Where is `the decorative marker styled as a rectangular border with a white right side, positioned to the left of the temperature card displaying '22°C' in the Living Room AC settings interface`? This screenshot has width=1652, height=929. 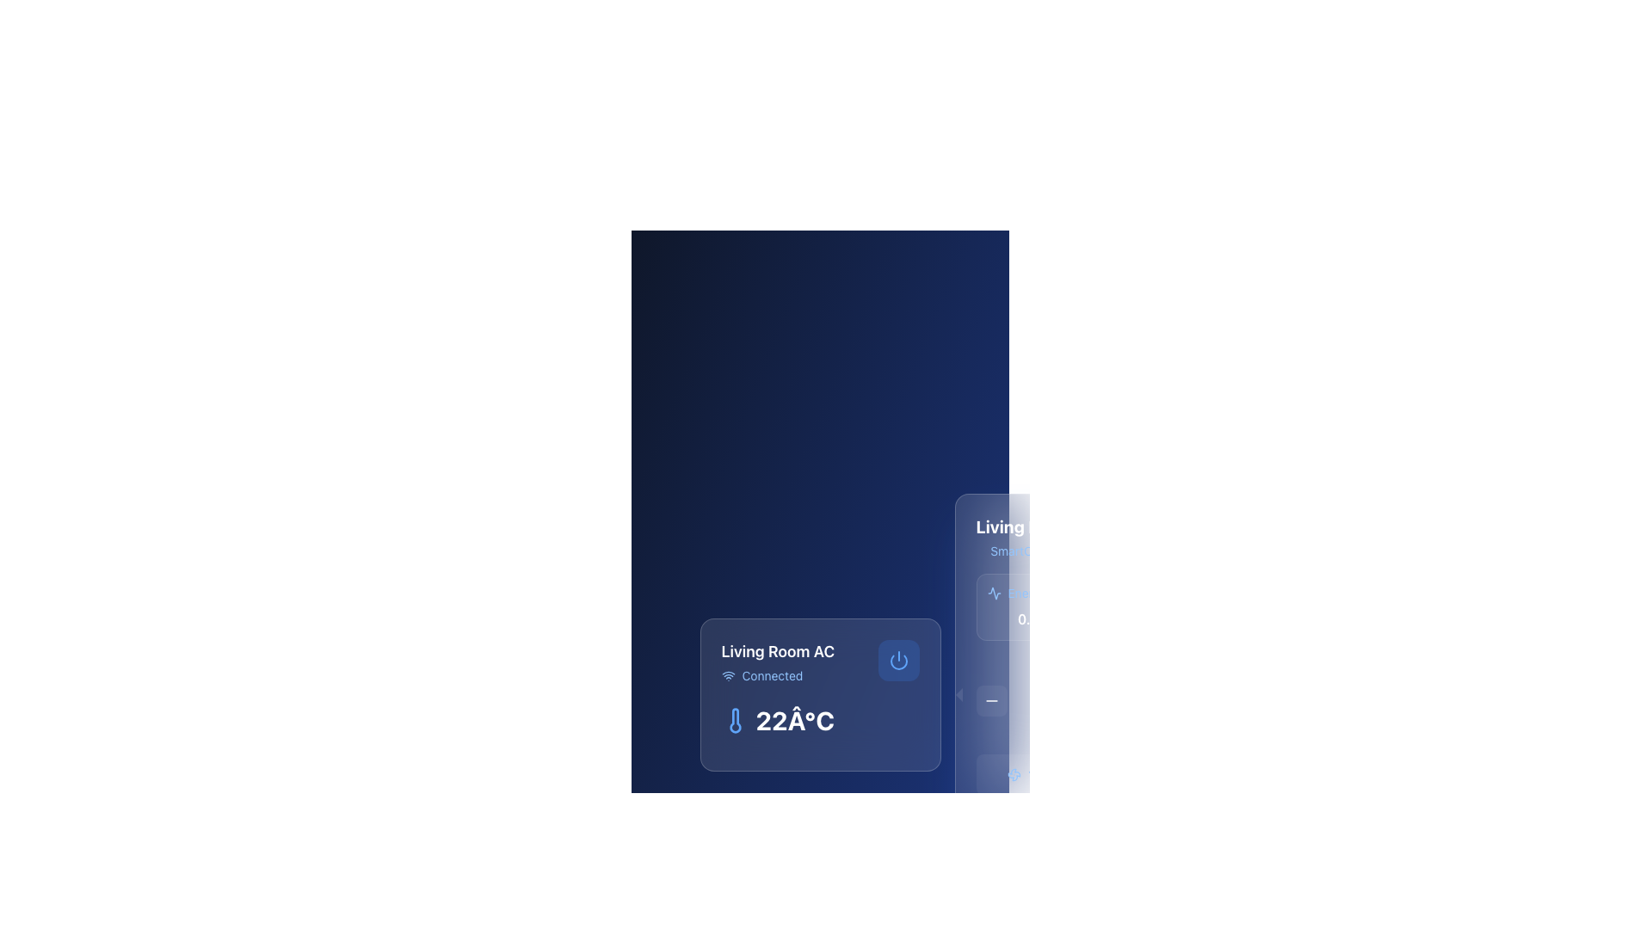 the decorative marker styled as a rectangular border with a white right side, positioned to the left of the temperature card displaying '22°C' in the Living Room AC settings interface is located at coordinates (954, 693).